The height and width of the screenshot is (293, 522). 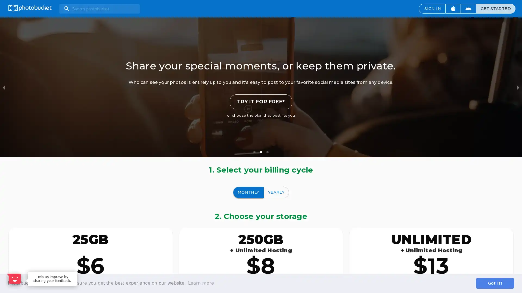 I want to click on TRY IT FOR FREE*, so click(x=260, y=101).